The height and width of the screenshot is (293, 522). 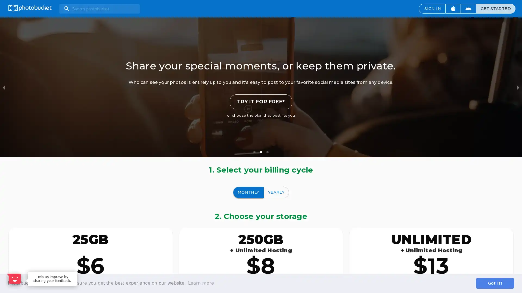 I want to click on TRY IT FOR FREE*, so click(x=260, y=101).